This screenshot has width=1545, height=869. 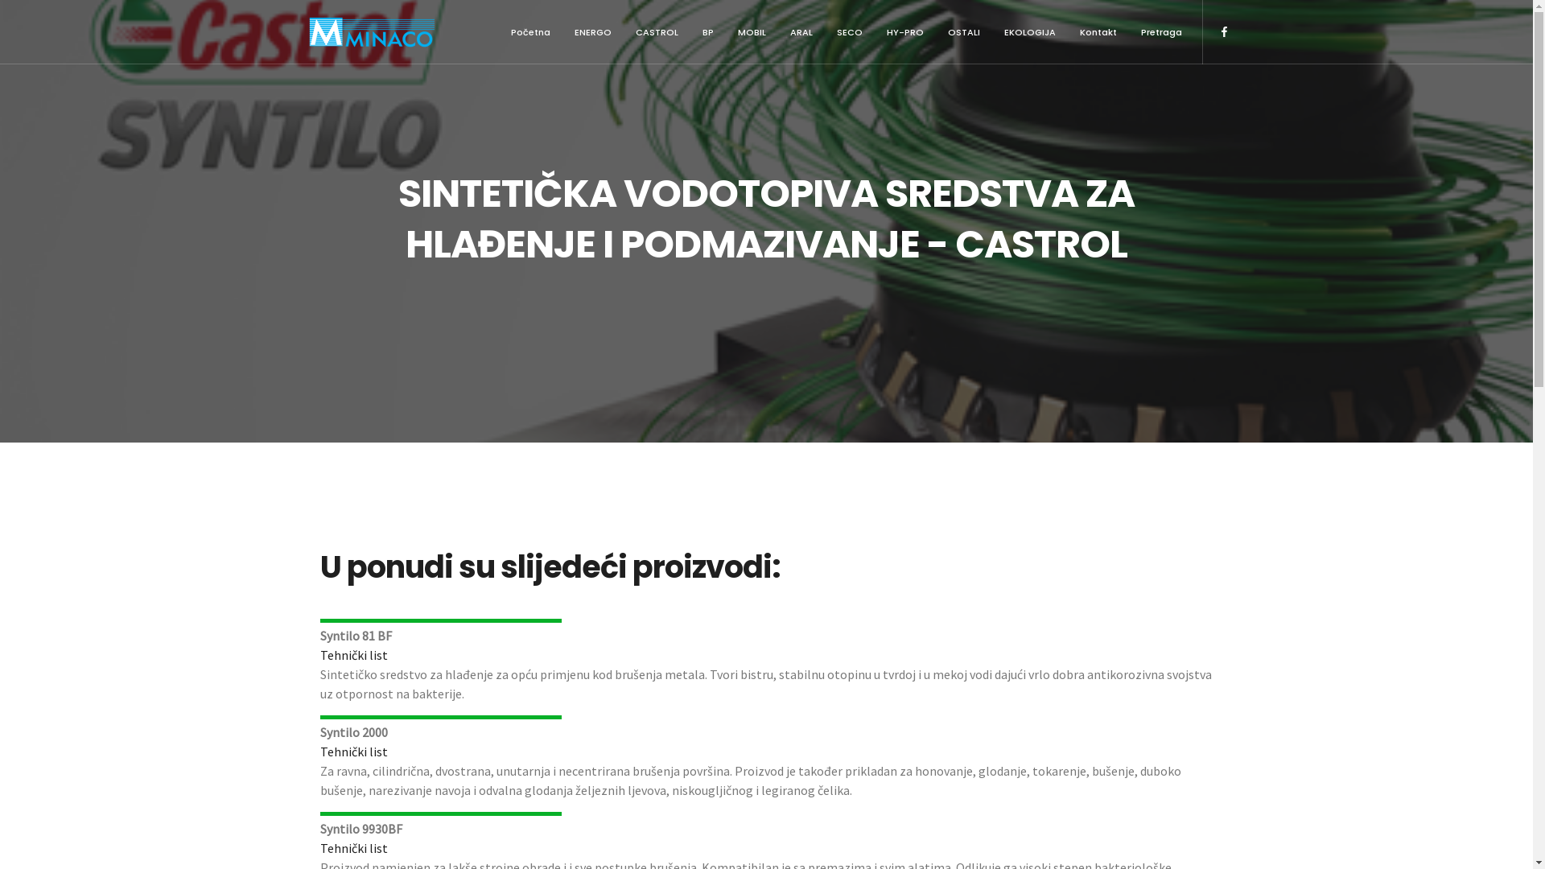 I want to click on 'ARAL', so click(x=800, y=31).